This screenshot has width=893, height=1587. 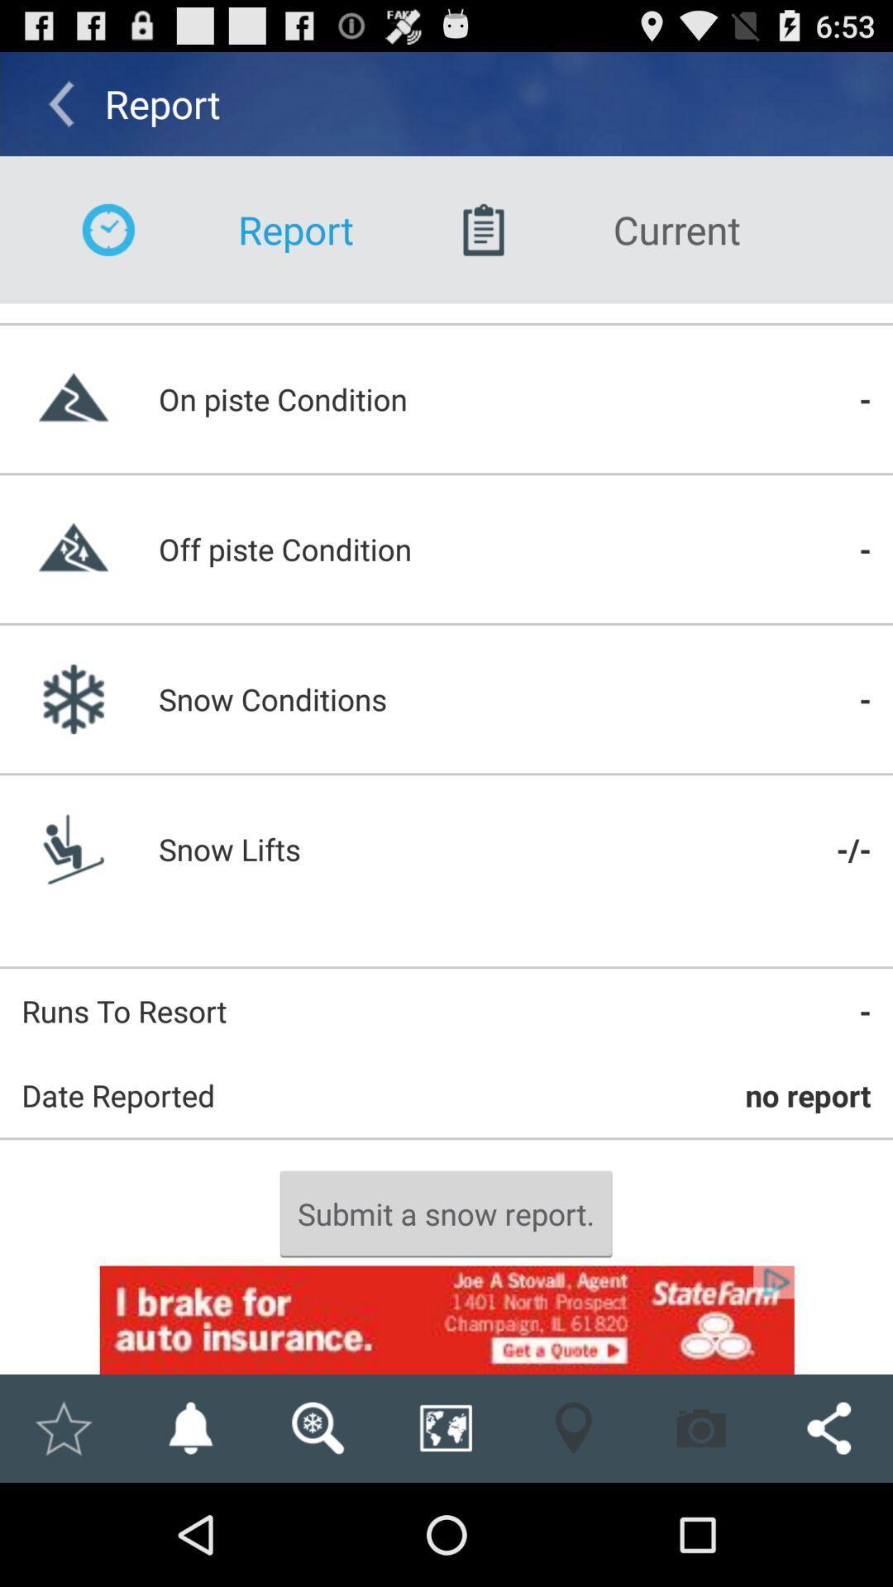 I want to click on camera mode, so click(x=701, y=1427).